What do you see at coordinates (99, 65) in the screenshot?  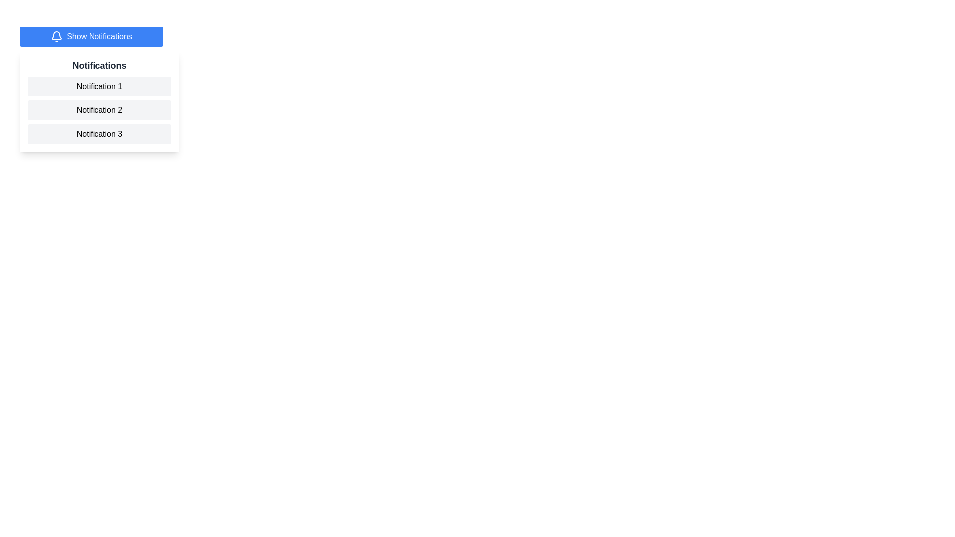 I see `the Text heading that indicates the content of the notification panel, which is positioned at the top region of the panel` at bounding box center [99, 65].